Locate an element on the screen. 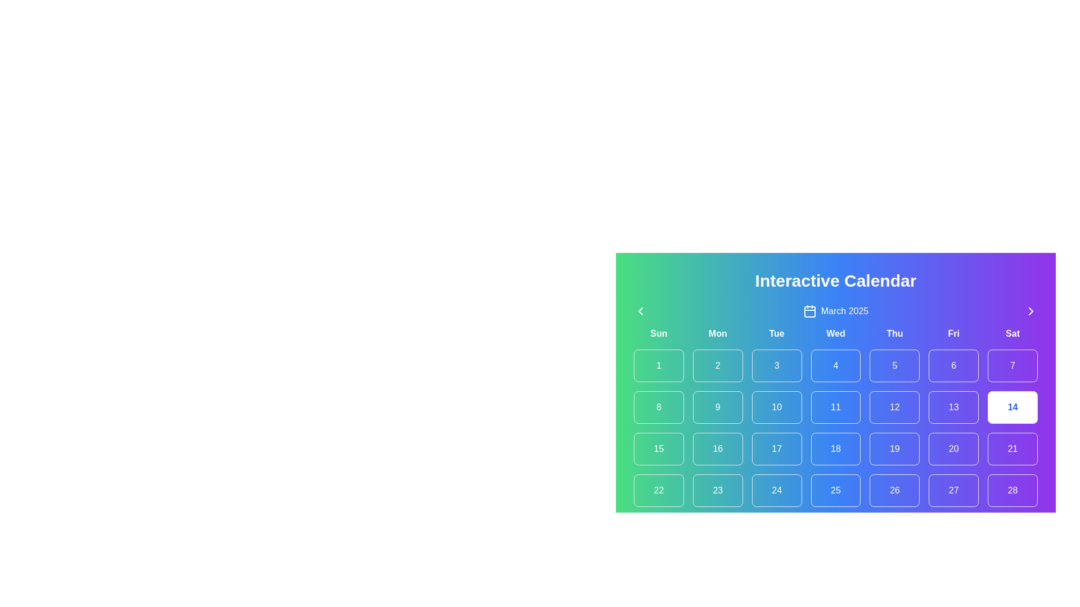 This screenshot has height=607, width=1080. the Text Label representing Wednesday in the weekly calendar interface is located at coordinates (836, 333).